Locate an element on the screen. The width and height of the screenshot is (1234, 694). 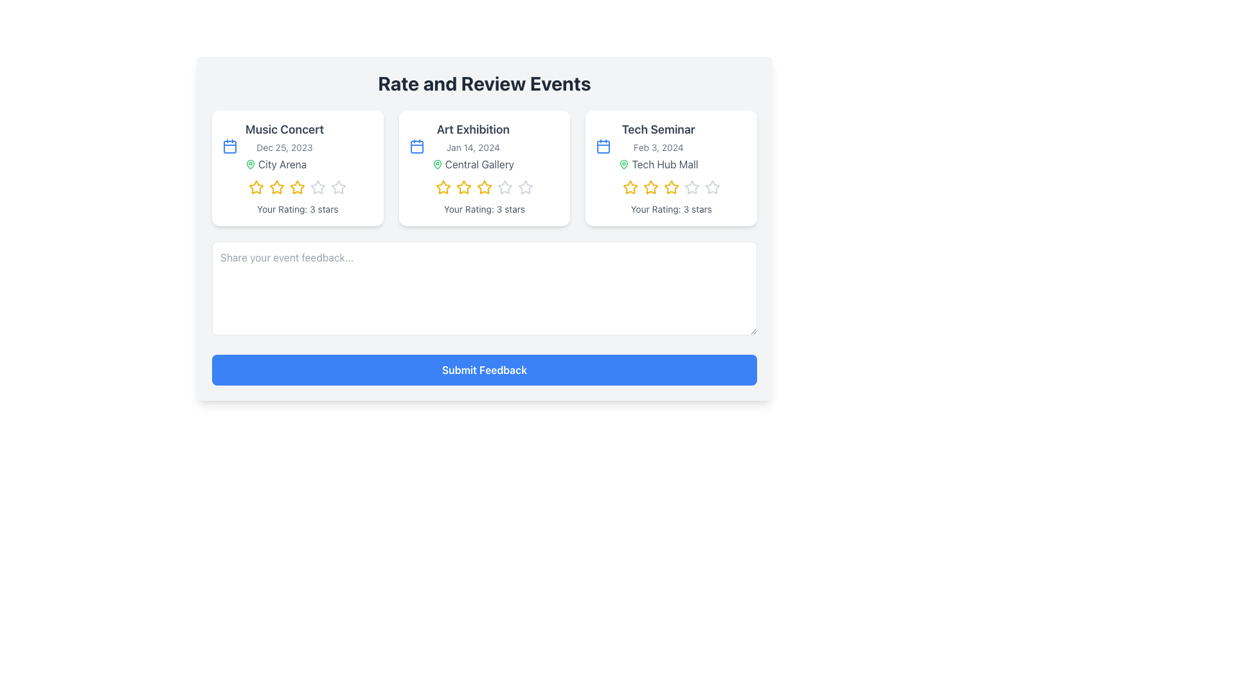
the third yellow star icon in the rating system of the 'Art Exhibition' section is located at coordinates (483, 188).